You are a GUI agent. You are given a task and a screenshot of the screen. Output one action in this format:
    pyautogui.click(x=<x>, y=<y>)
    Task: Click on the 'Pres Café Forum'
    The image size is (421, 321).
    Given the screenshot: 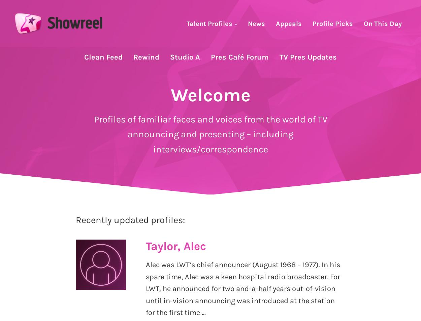 What is the action you would take?
    pyautogui.click(x=239, y=57)
    